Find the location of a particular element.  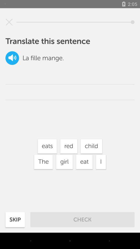

white box with text red is located at coordinates (69, 146).